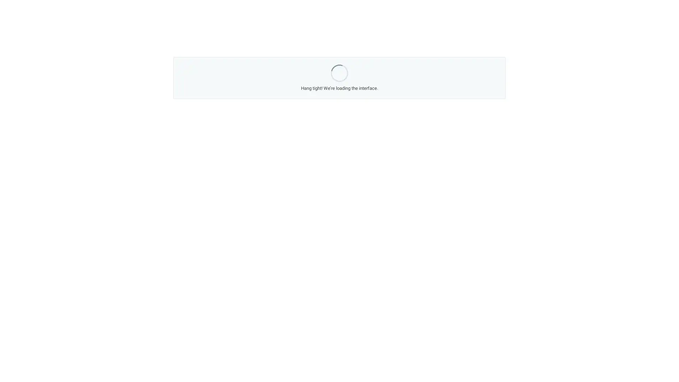 The image size is (679, 382). Describe the element at coordinates (396, 252) in the screenshot. I see `Next Step: Campaign Setup` at that location.